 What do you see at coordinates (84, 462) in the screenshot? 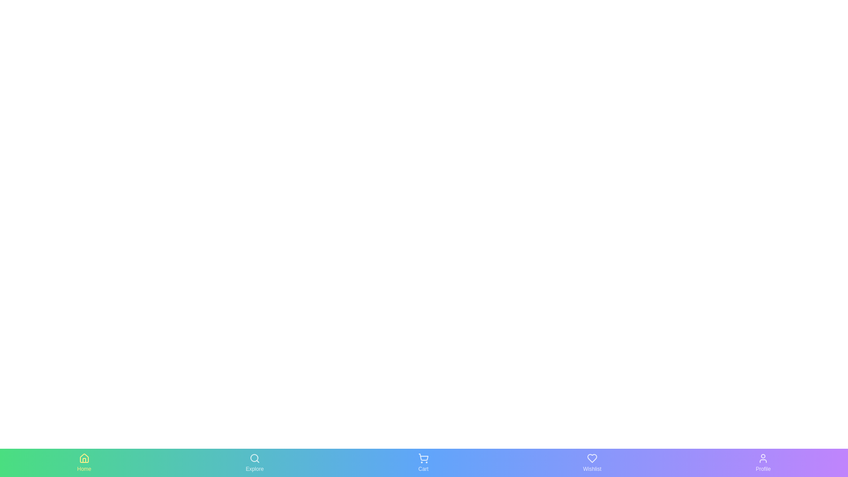
I see `the icon labeled Home` at bounding box center [84, 462].